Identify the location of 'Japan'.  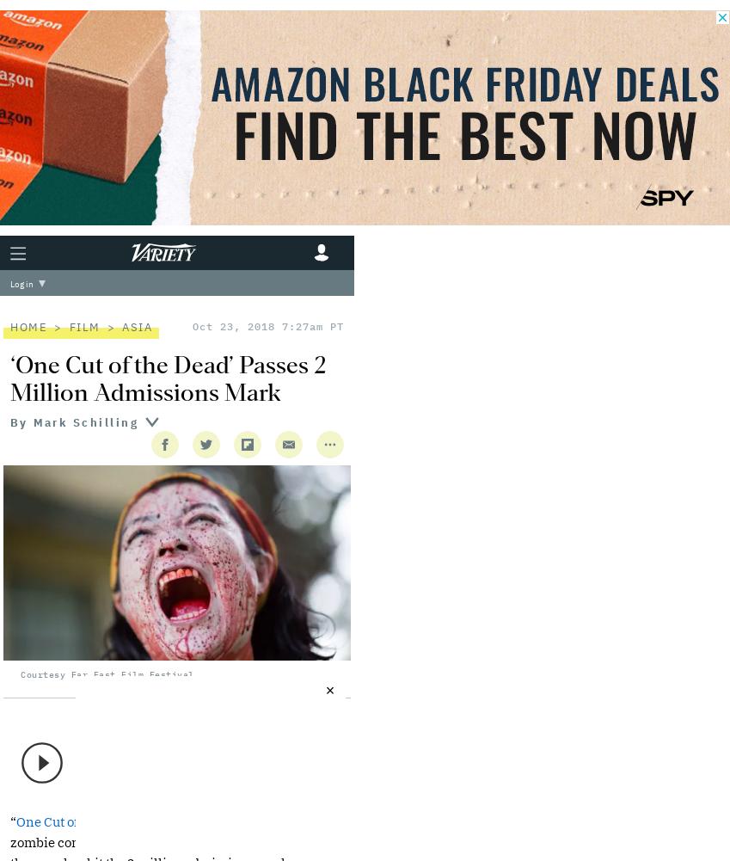
(163, 840).